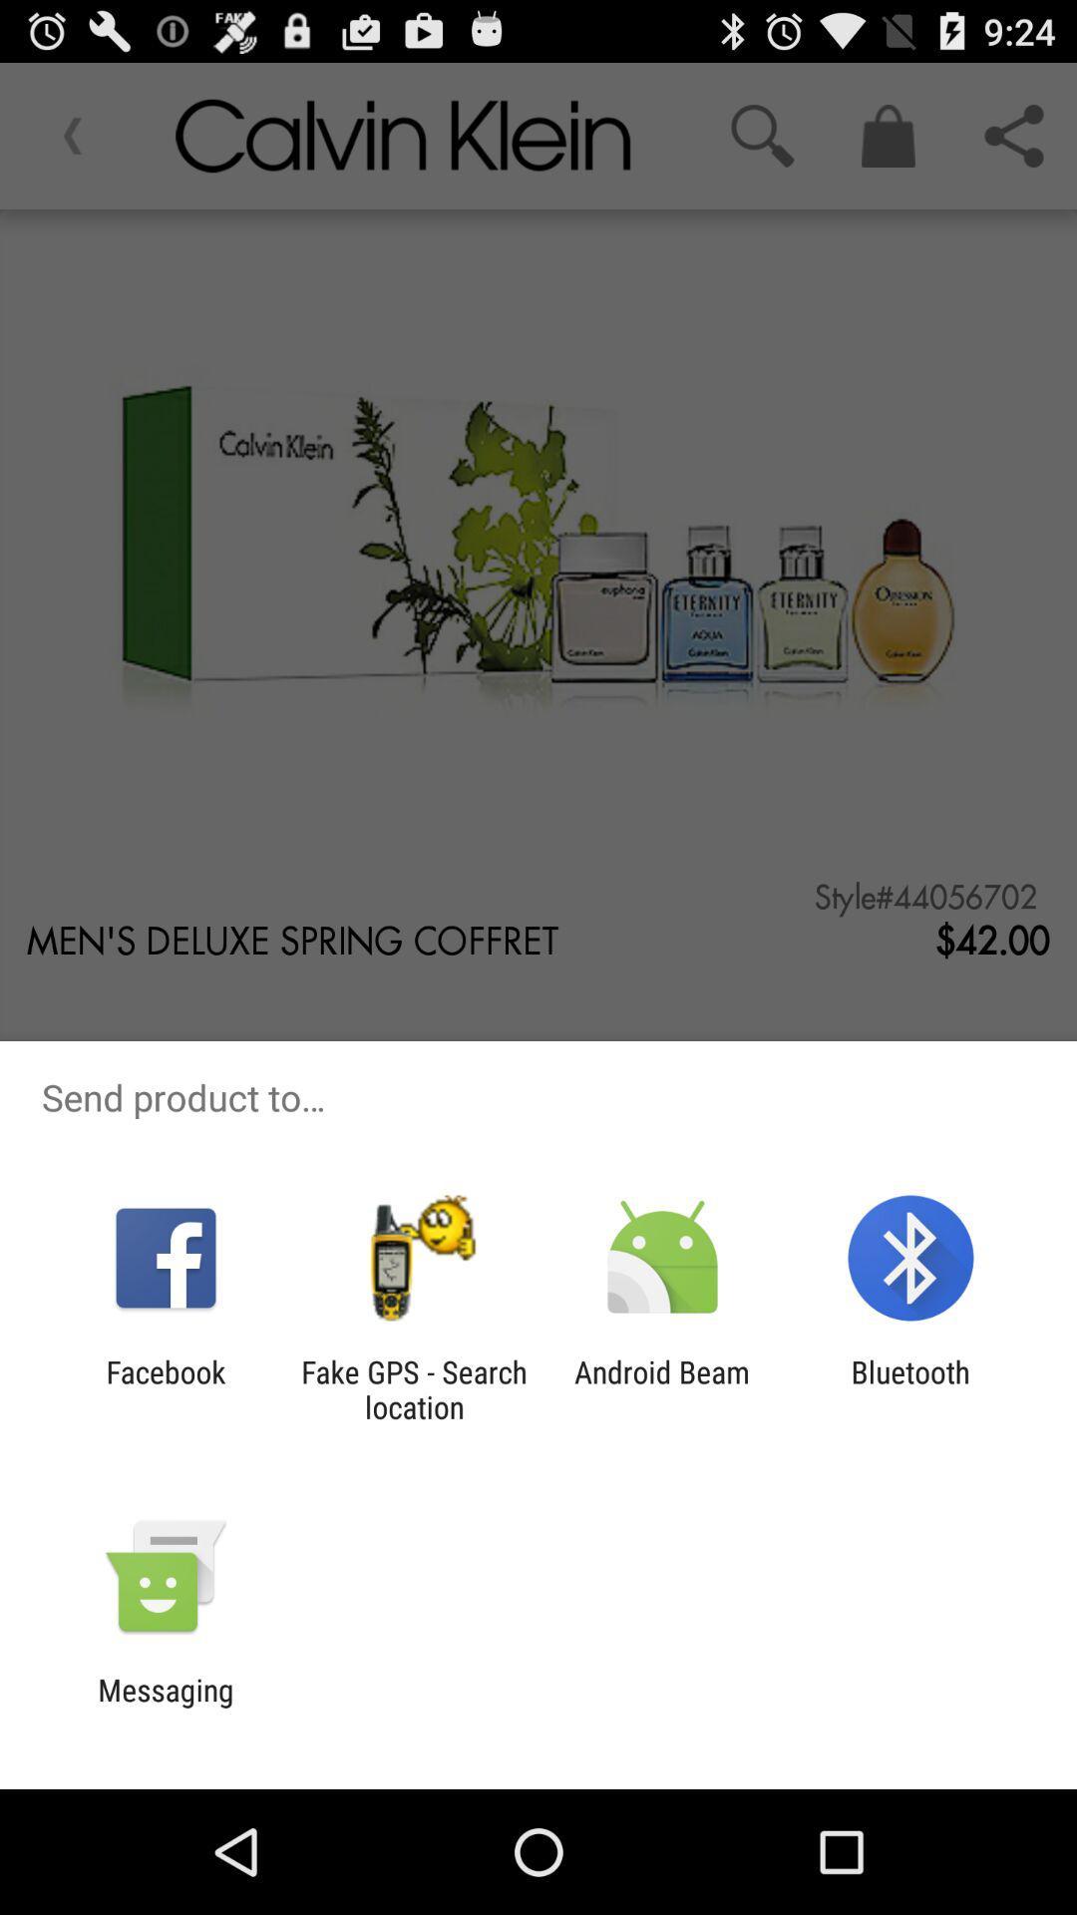 The image size is (1077, 1915). Describe the element at coordinates (413, 1388) in the screenshot. I see `the item to the right of the facebook app` at that location.